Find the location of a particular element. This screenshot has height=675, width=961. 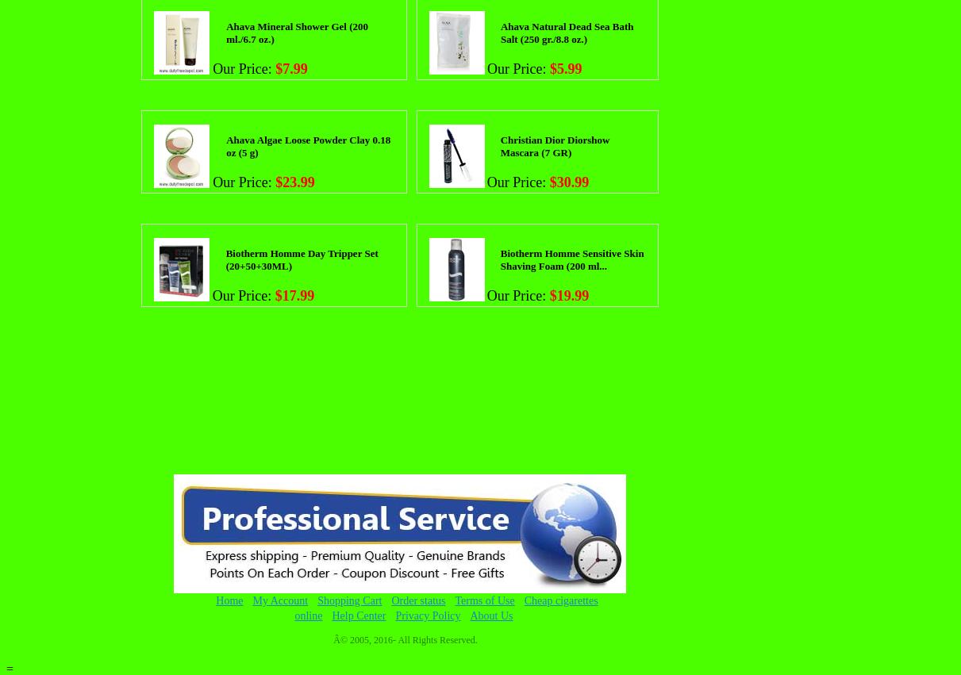

'Â© 2005, 2016- All Rights Reserved.' is located at coordinates (405, 638).